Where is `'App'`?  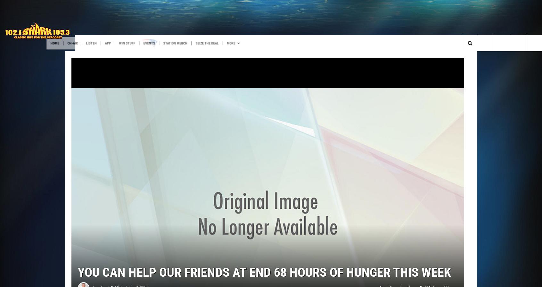
'App' is located at coordinates (154, 43).